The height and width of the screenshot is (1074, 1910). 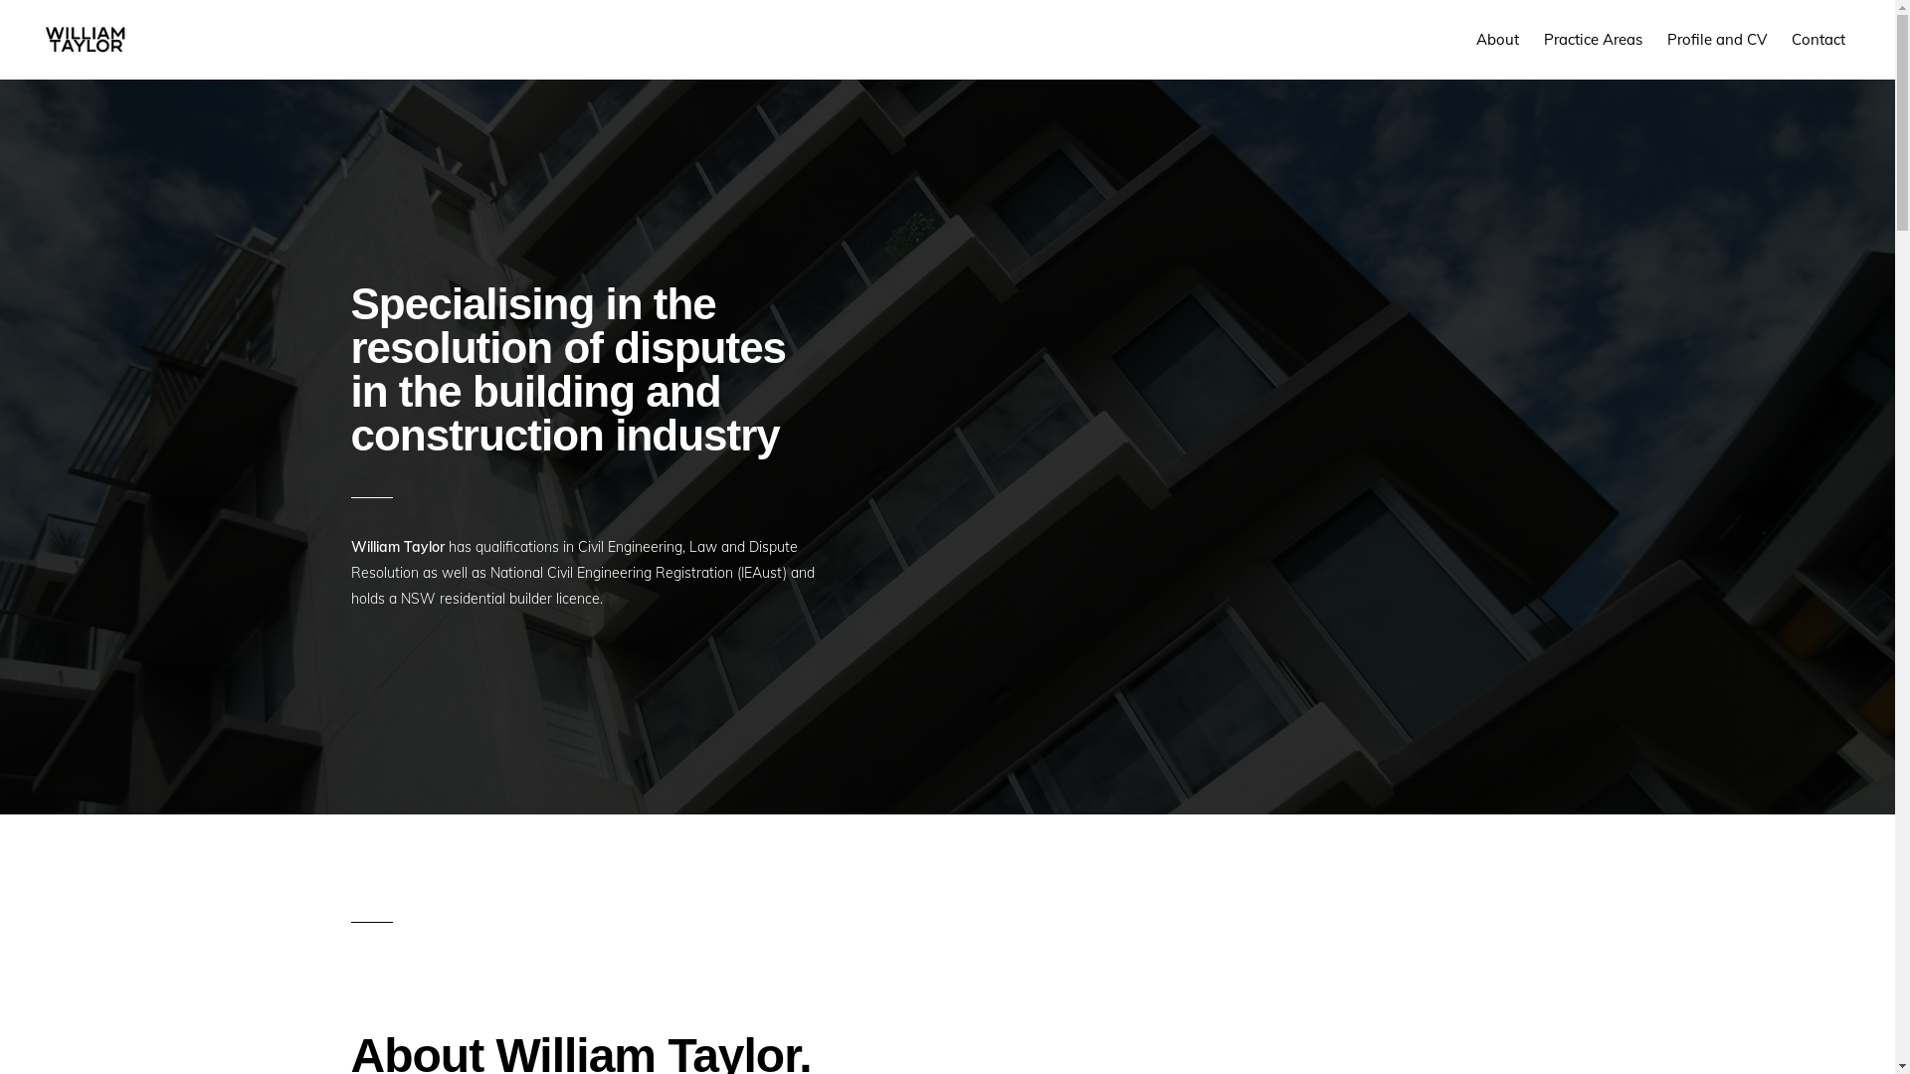 What do you see at coordinates (776, 1027) in the screenshot?
I see `'View our Disclaimer Statement'` at bounding box center [776, 1027].